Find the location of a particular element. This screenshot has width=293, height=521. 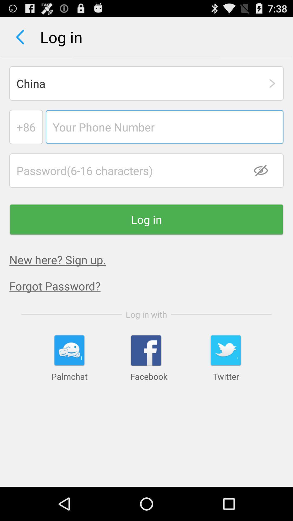

password field is located at coordinates (146, 170).